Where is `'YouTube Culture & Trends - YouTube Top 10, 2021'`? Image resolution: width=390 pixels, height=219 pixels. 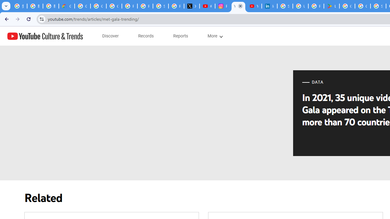
'YouTube Culture & Trends - YouTube Top 10, 2021' is located at coordinates (254, 6).